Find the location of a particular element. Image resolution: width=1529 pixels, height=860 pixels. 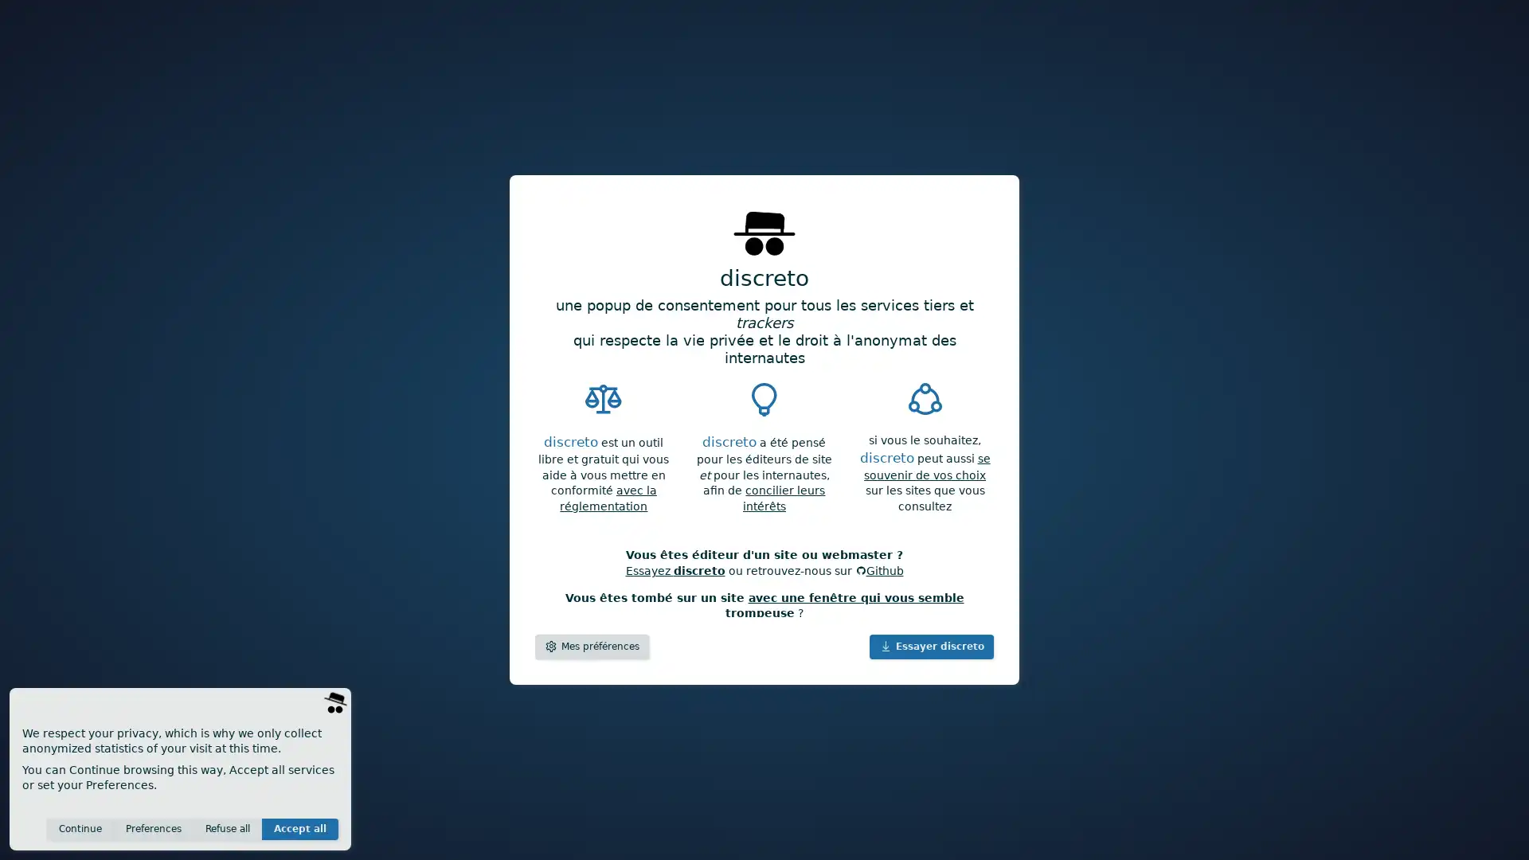

Preferences is located at coordinates (153, 828).